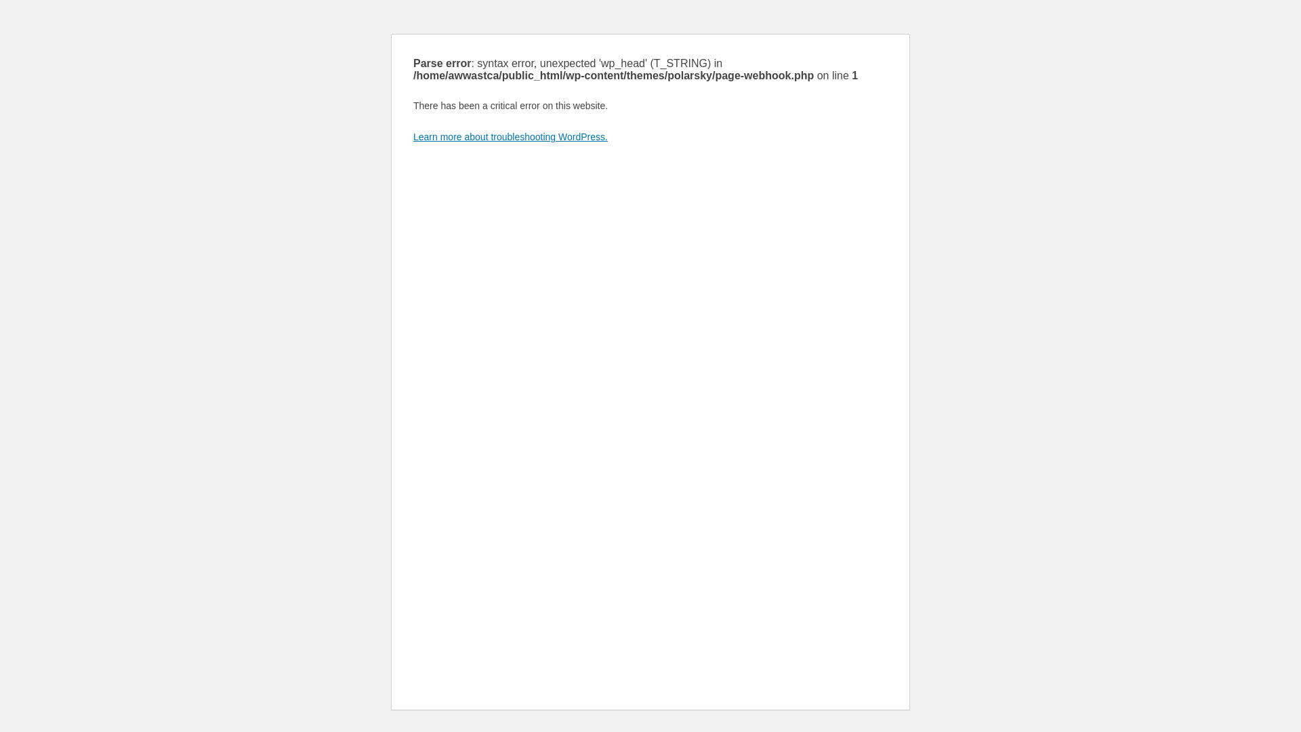 The width and height of the screenshot is (1301, 732). Describe the element at coordinates (510, 136) in the screenshot. I see `'Learn more about troubleshooting WordPress.'` at that location.